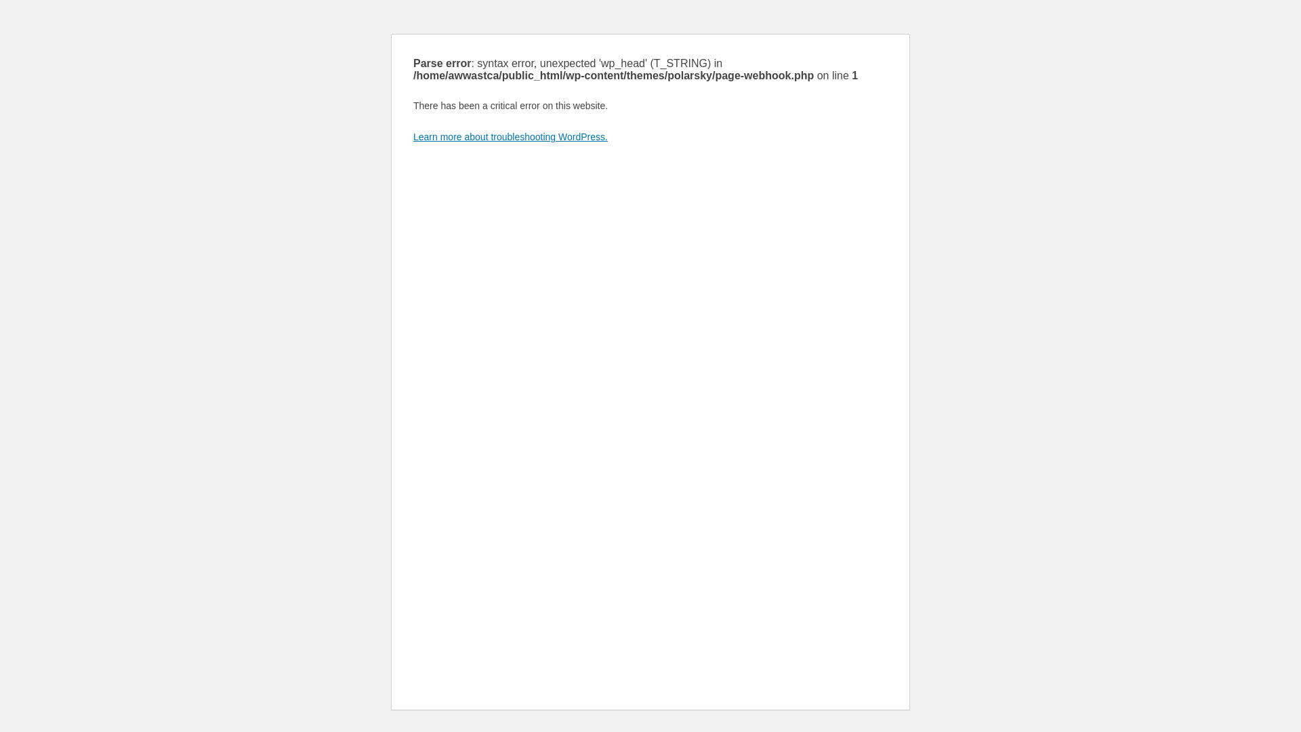 The width and height of the screenshot is (1301, 732). Describe the element at coordinates (510, 136) in the screenshot. I see `'Learn more about troubleshooting WordPress.'` at that location.